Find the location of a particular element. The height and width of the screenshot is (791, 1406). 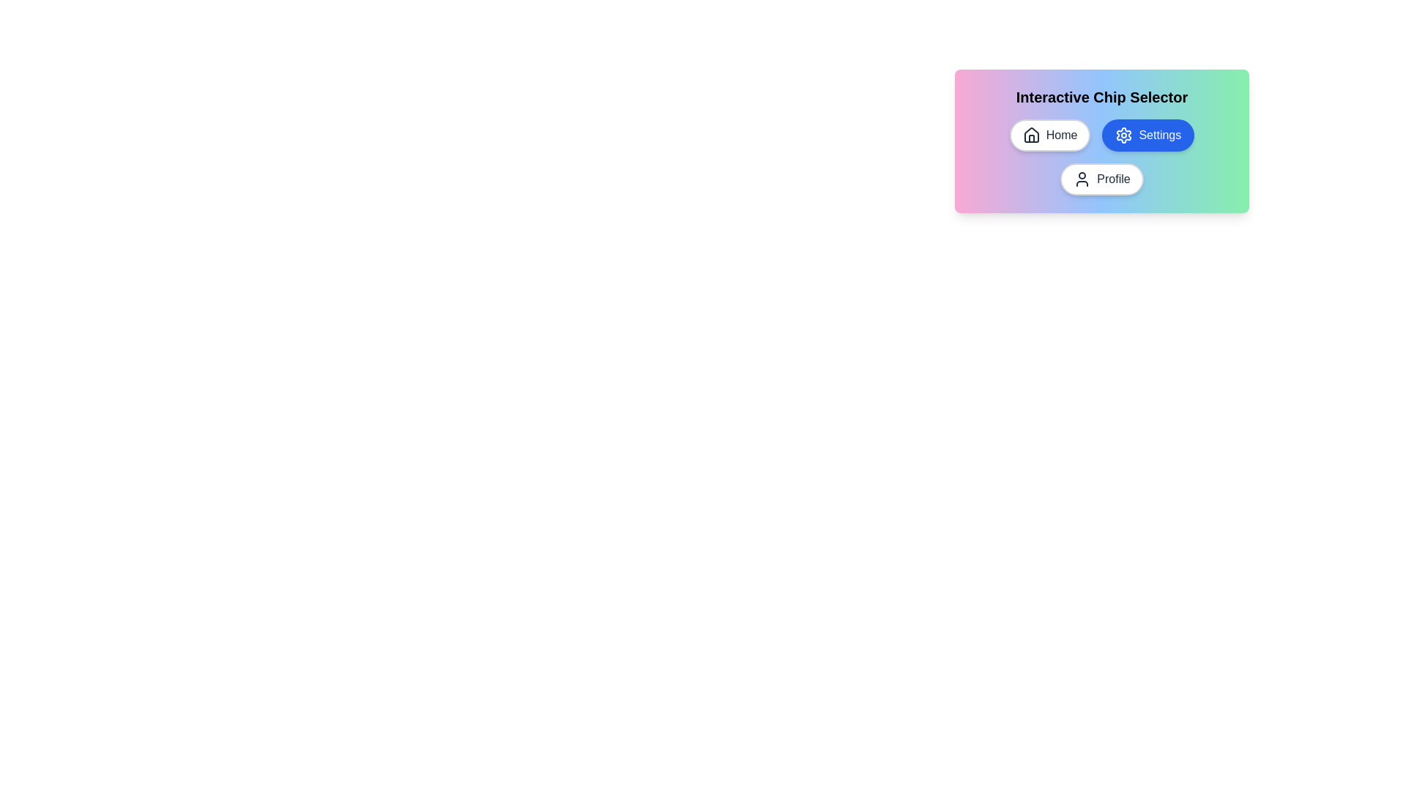

the chip labeled Settings is located at coordinates (1148, 135).